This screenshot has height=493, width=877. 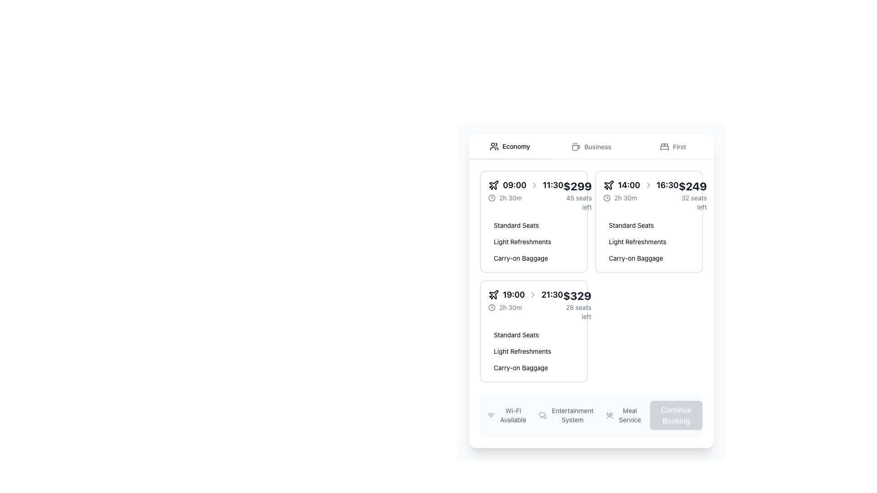 I want to click on the economy icon featuring two stylized individuals, so click(x=494, y=146).